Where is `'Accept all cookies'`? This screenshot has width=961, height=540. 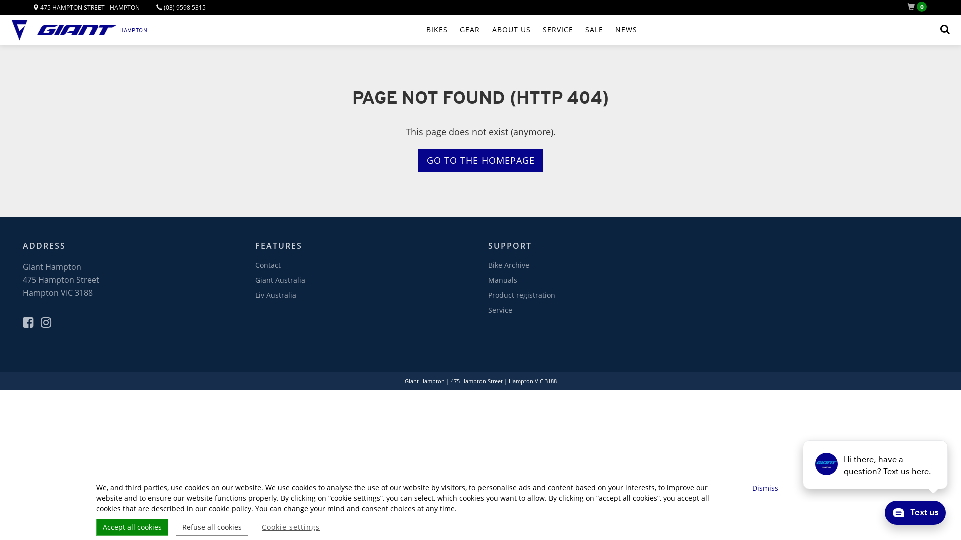 'Accept all cookies' is located at coordinates (132, 527).